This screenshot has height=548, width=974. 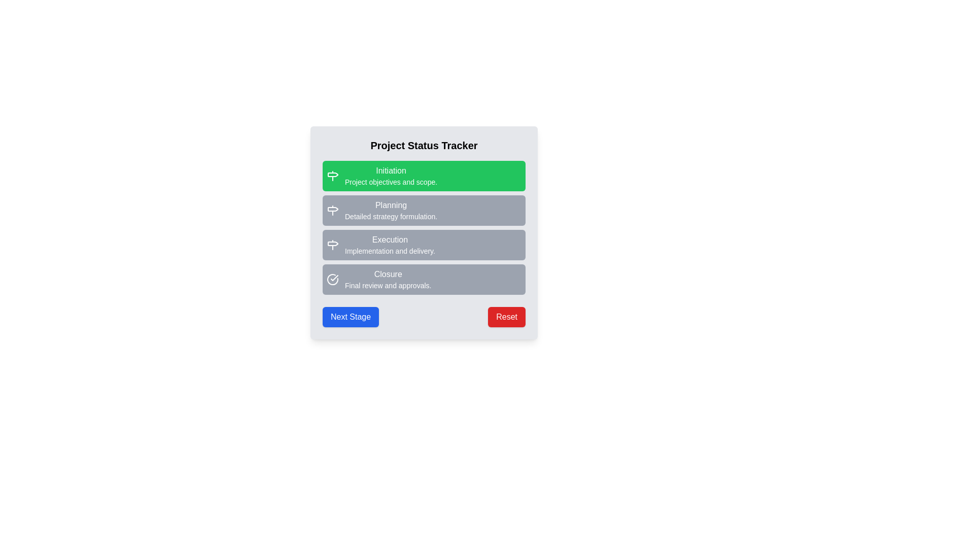 What do you see at coordinates (424, 233) in the screenshot?
I see `the 'Execution' phase label in the project status tracker, which is the third item in the vertical list under the 'Project Status Tracker' heading` at bounding box center [424, 233].